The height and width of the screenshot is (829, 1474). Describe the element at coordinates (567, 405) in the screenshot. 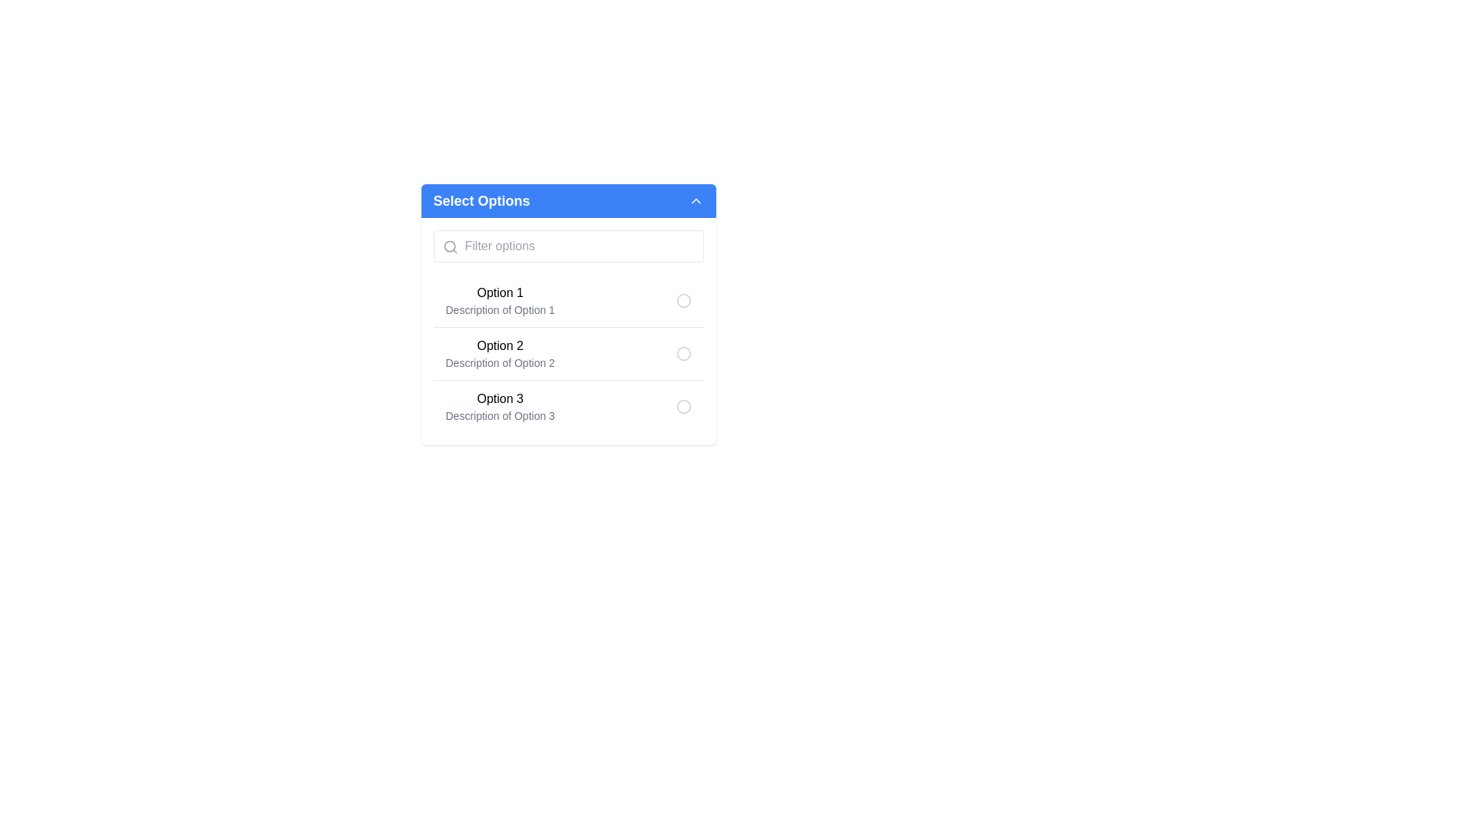

I see `the third option in the dropdown menu` at that location.